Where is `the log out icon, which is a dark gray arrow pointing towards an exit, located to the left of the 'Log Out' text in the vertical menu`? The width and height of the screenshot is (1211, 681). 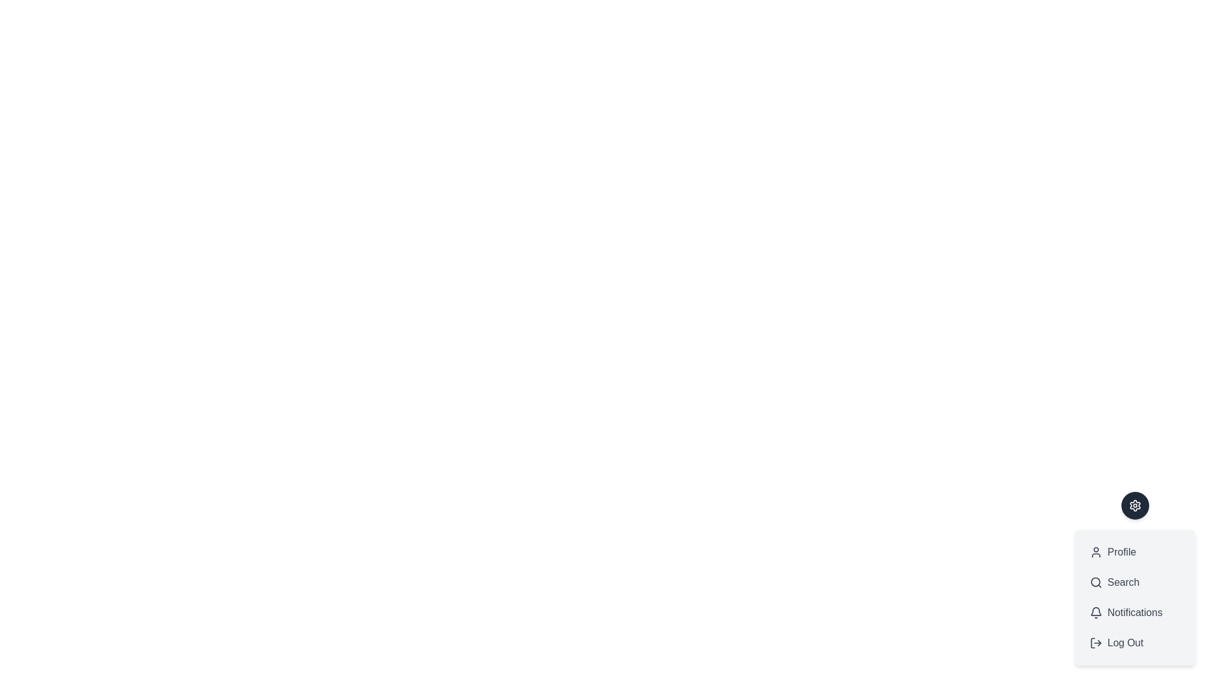
the log out icon, which is a dark gray arrow pointing towards an exit, located to the left of the 'Log Out' text in the vertical menu is located at coordinates (1095, 643).